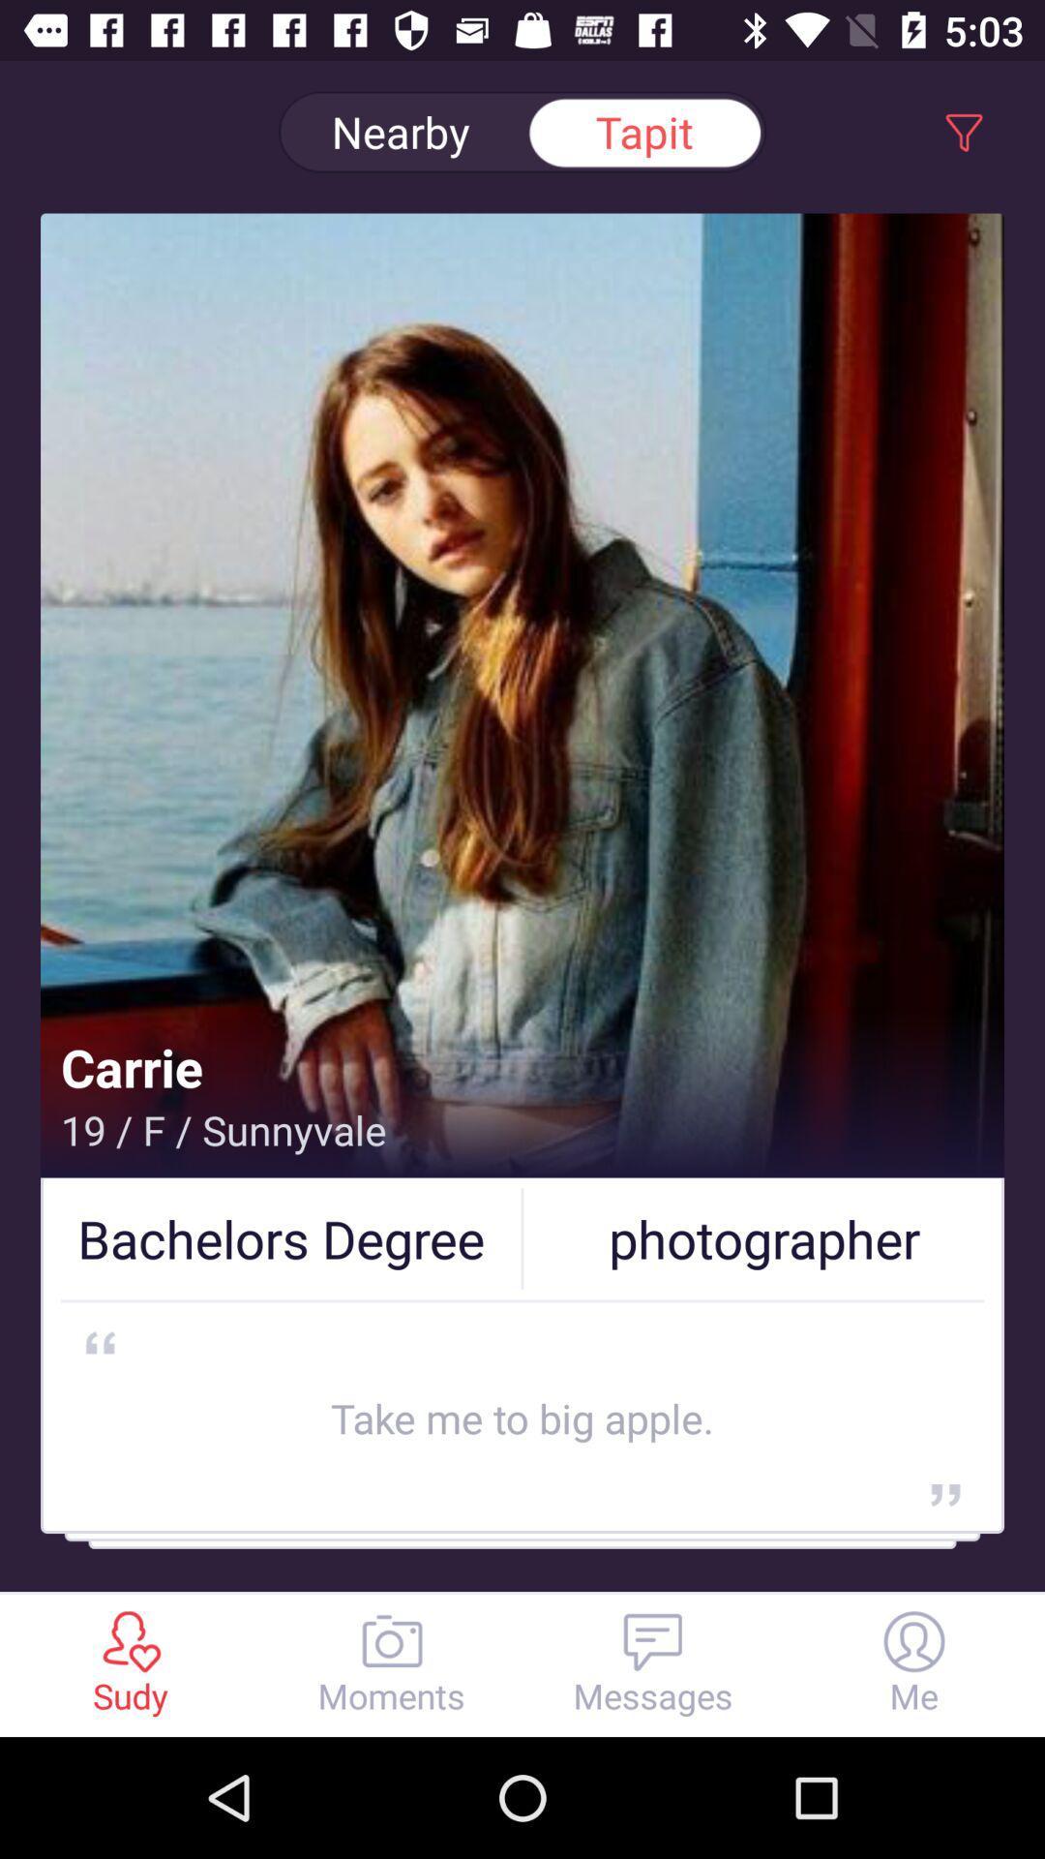 Image resolution: width=1045 pixels, height=1859 pixels. Describe the element at coordinates (914, 1640) in the screenshot. I see `the profie icon which is at the right side in the bottom` at that location.